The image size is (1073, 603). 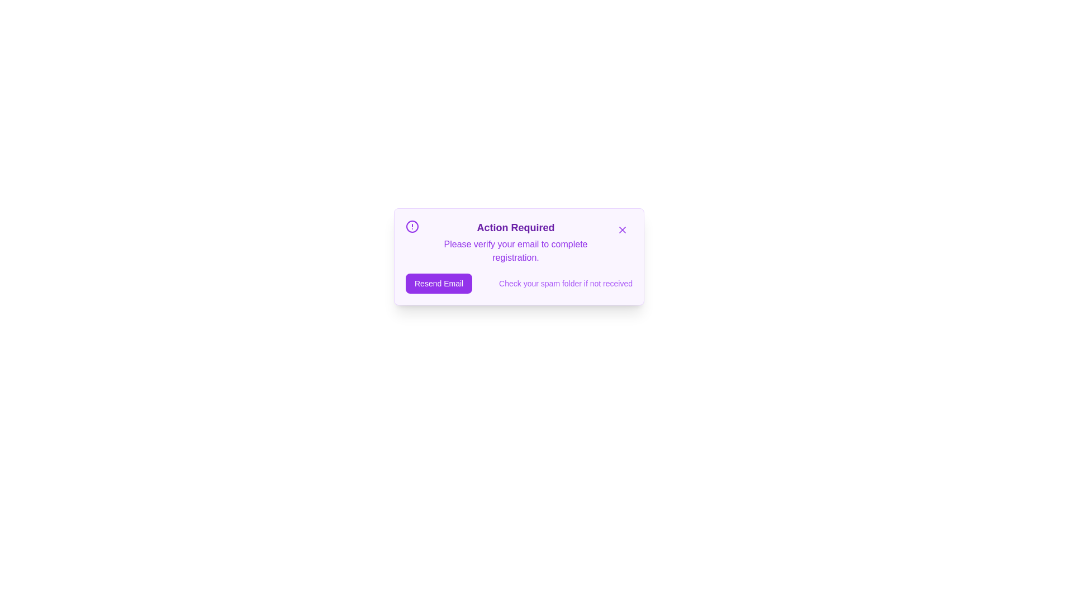 I want to click on the 'Resend Email' button to resend the verification email, so click(x=438, y=283).